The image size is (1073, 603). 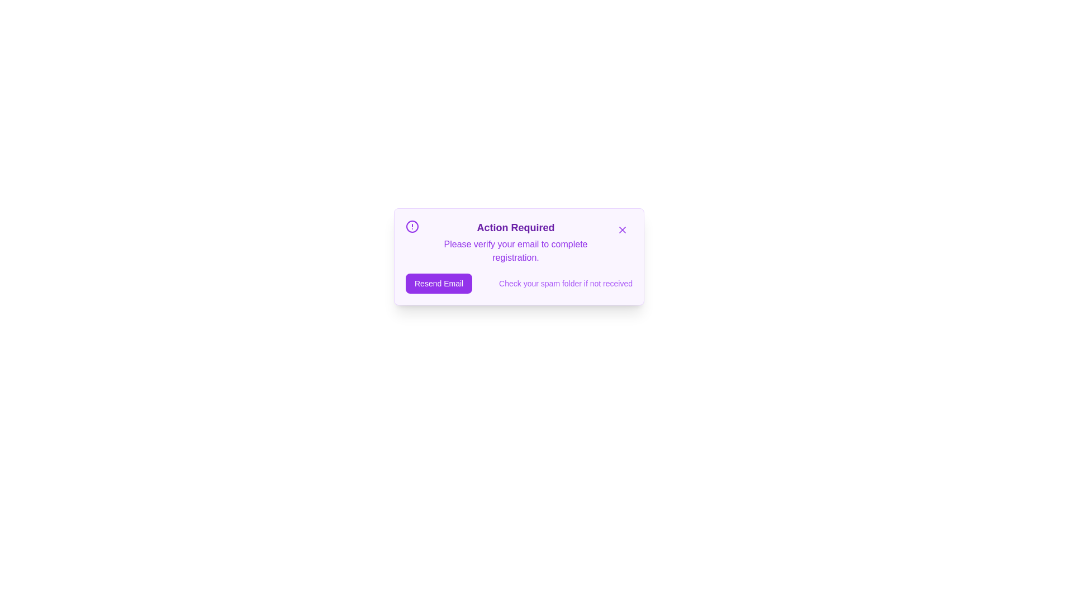 I want to click on the 'Resend Email' button to resend the verification email, so click(x=438, y=283).